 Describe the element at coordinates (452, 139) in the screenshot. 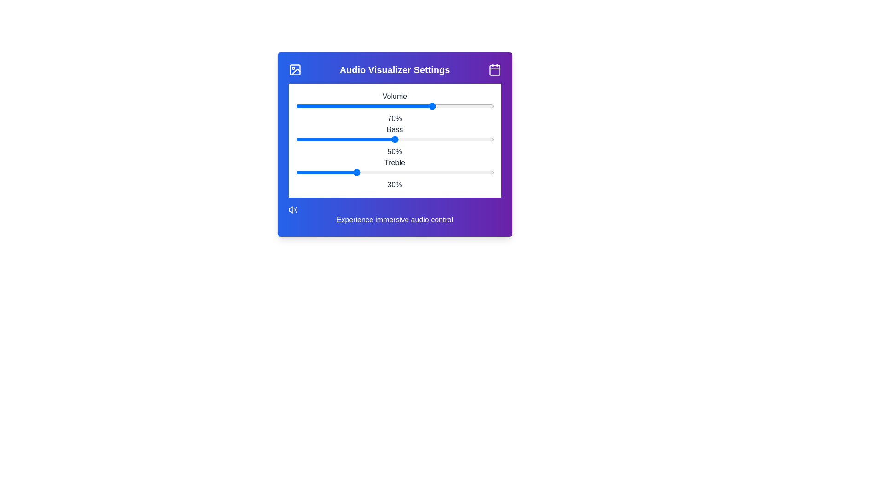

I see `the bass slider to set the bass level to 79%` at that location.